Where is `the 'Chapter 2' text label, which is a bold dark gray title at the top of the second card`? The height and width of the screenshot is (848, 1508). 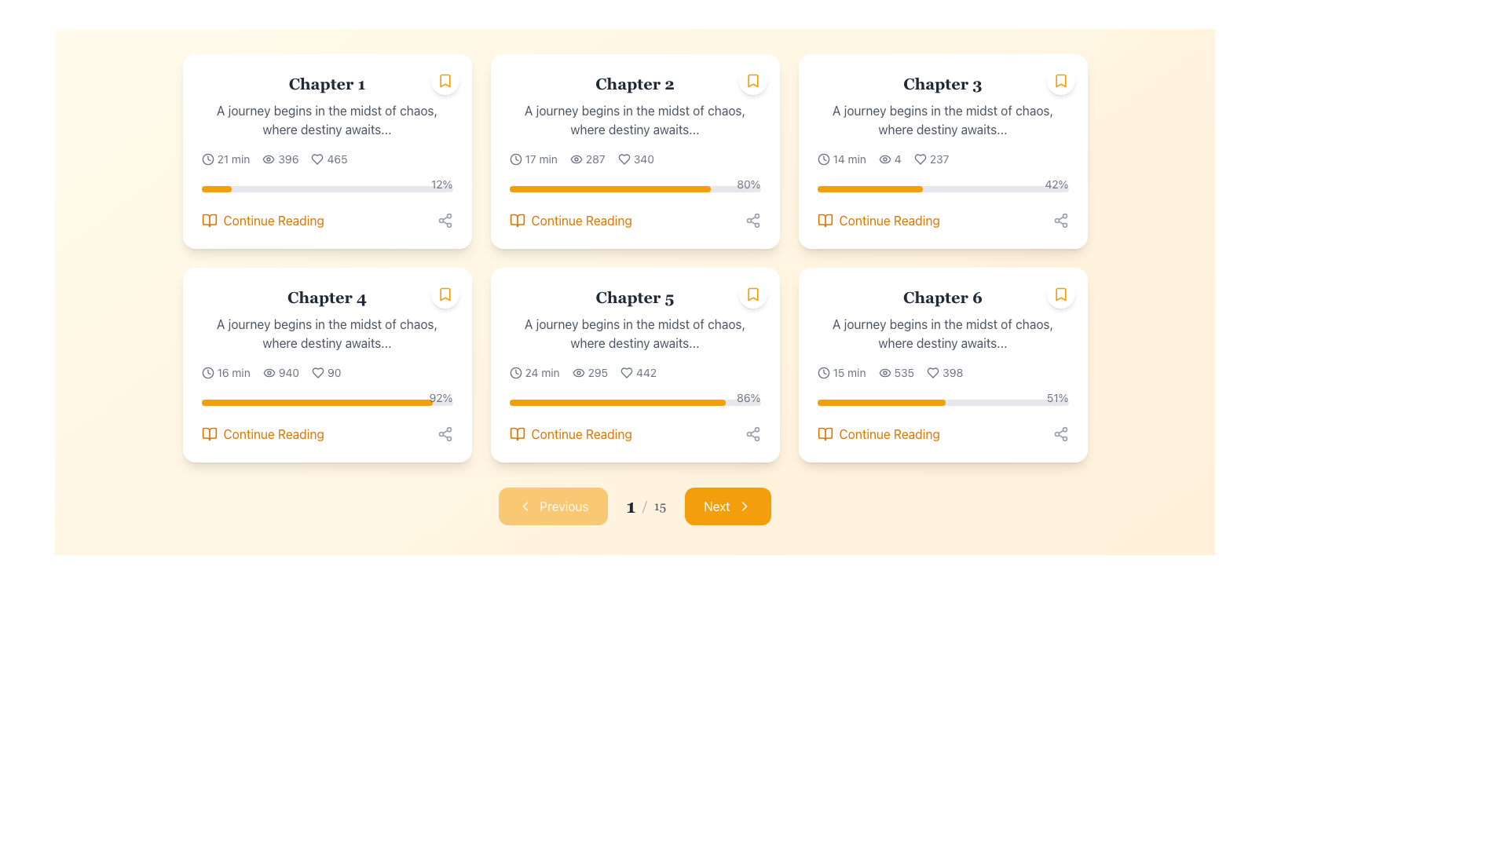
the 'Chapter 2' text label, which is a bold dark gray title at the top of the second card is located at coordinates (635, 84).